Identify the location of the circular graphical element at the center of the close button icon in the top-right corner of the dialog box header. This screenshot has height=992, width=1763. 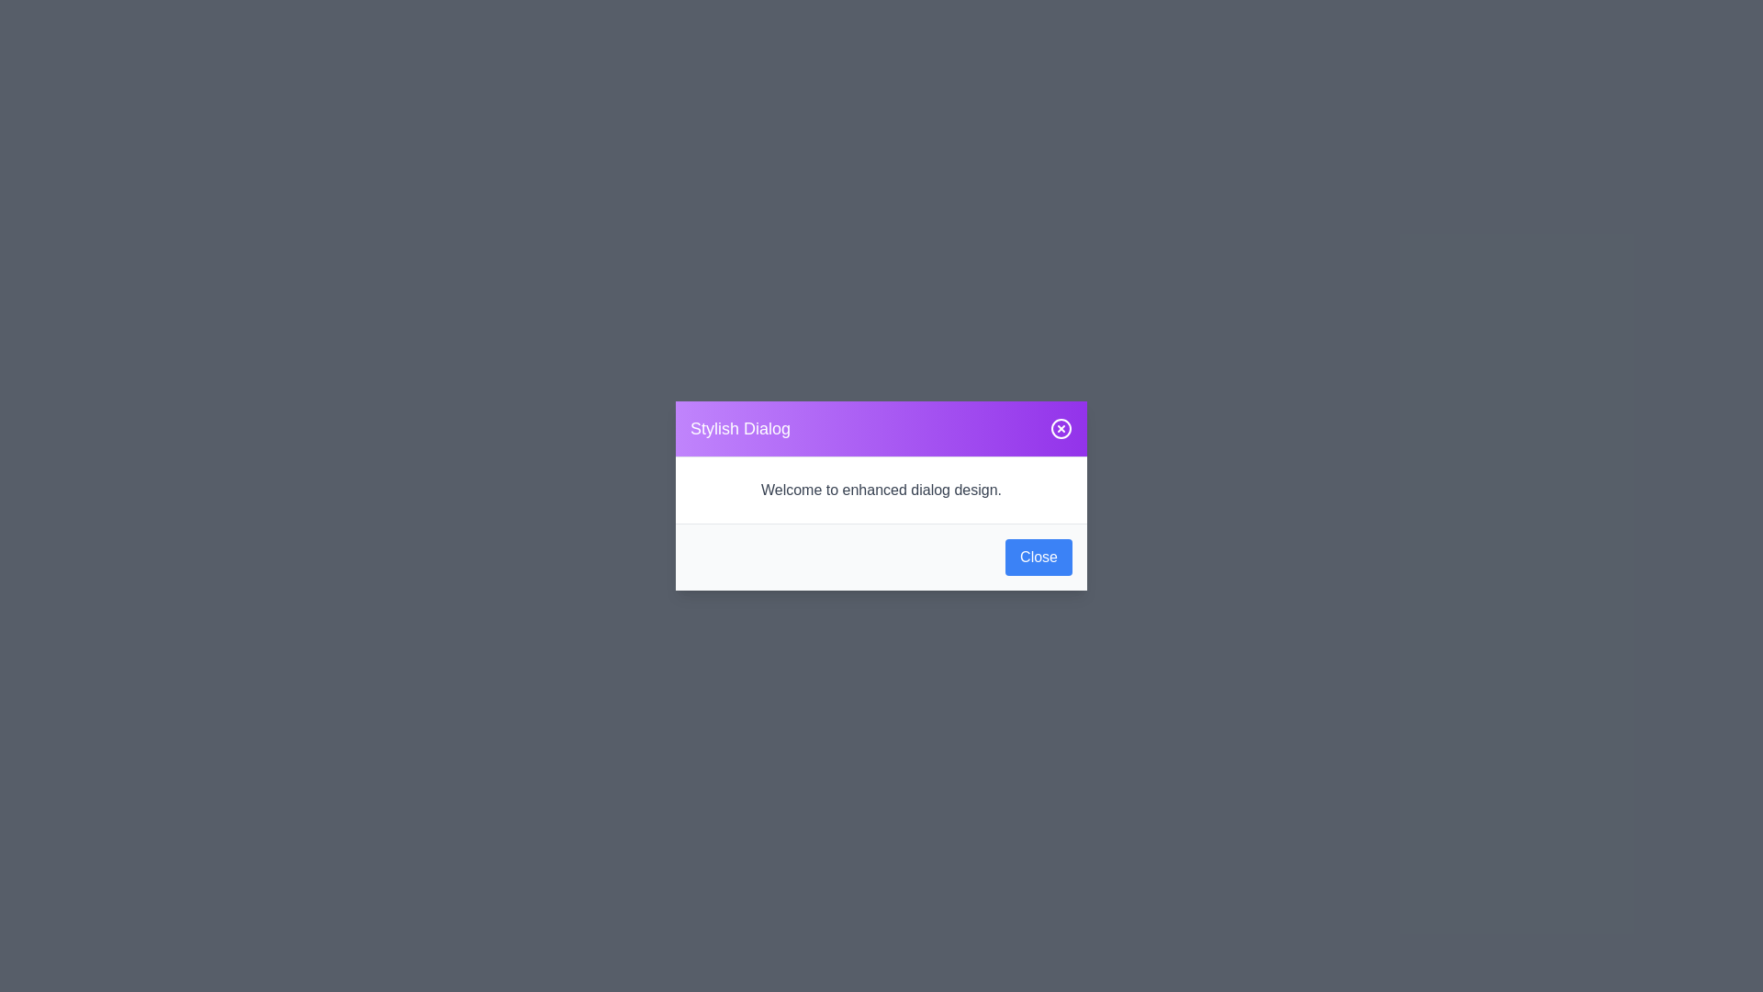
(1061, 428).